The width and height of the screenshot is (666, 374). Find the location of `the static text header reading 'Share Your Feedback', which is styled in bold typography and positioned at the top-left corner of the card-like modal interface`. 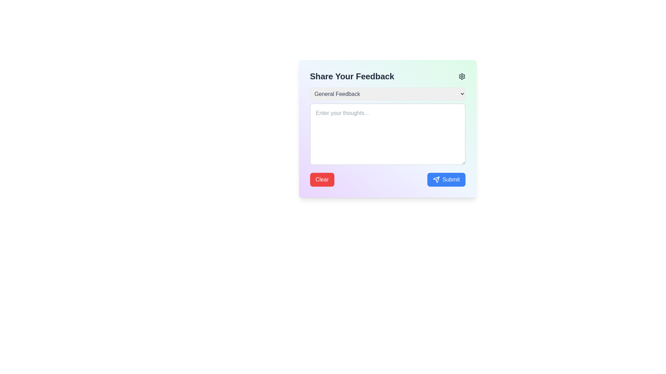

the static text header reading 'Share Your Feedback', which is styled in bold typography and positioned at the top-left corner of the card-like modal interface is located at coordinates (352, 76).